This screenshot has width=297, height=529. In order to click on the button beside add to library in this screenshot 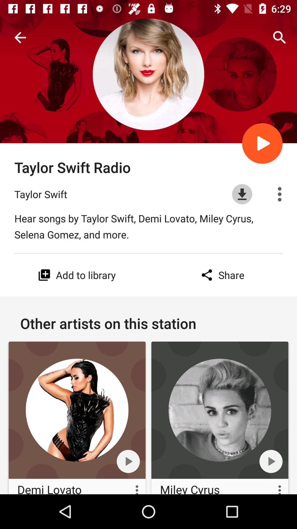, I will do `click(44, 275)`.